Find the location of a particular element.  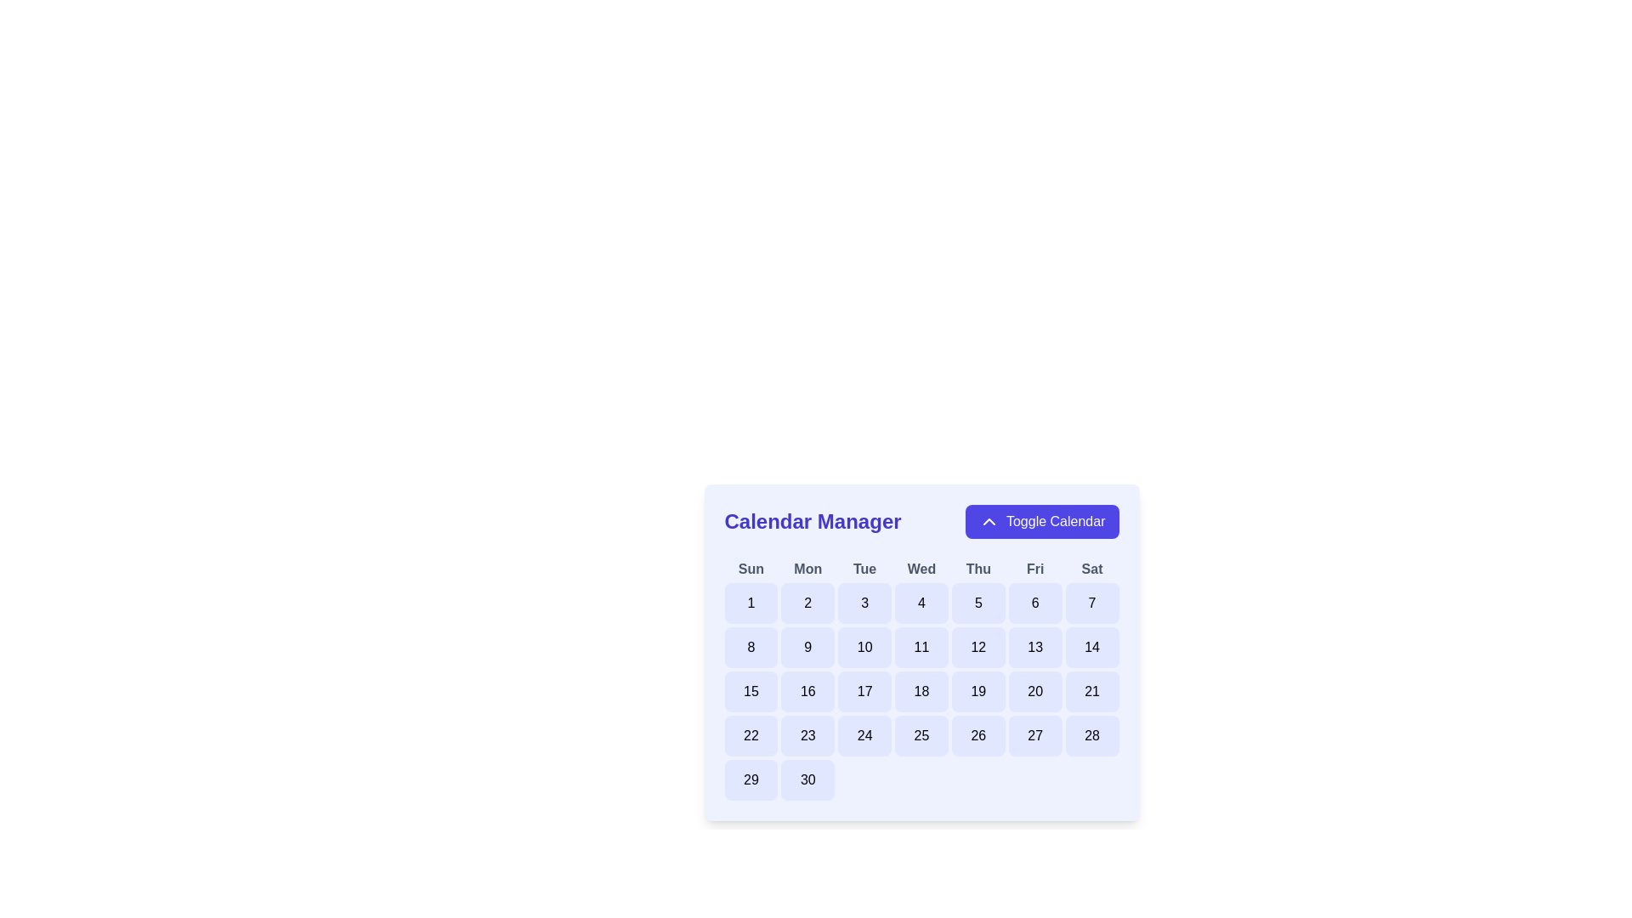

the calendar day button displaying '10' is located at coordinates (864, 648).